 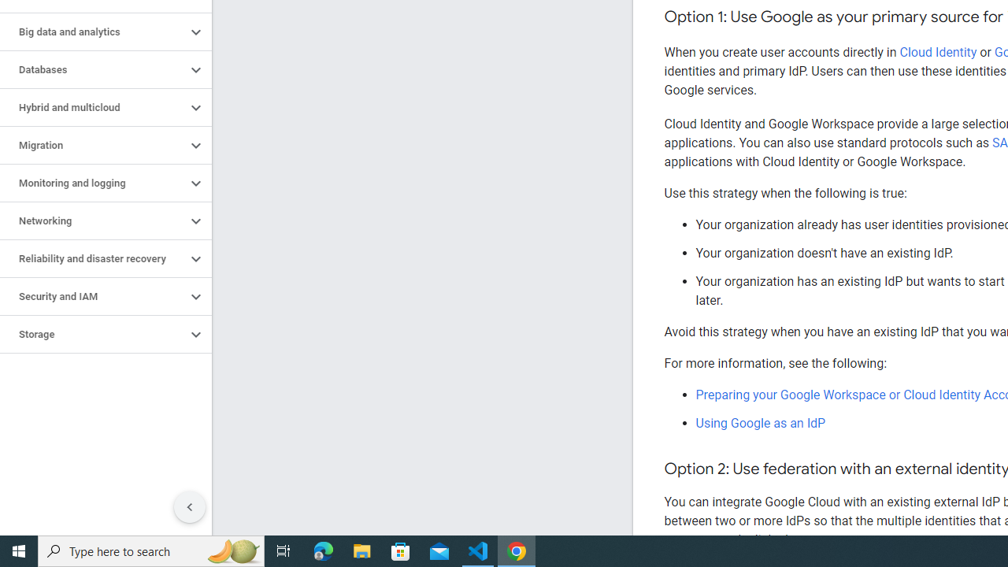 What do you see at coordinates (189, 507) in the screenshot?
I see `'Hide side navigation'` at bounding box center [189, 507].